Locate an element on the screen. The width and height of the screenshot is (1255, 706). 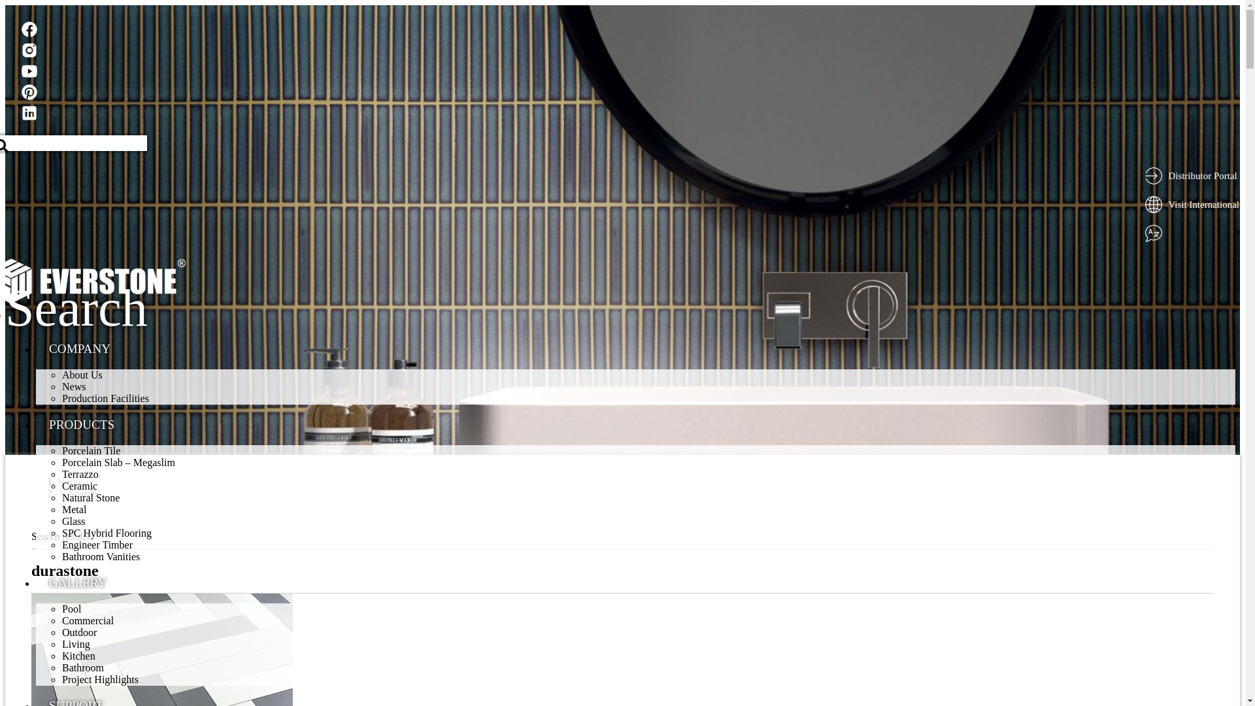
'Ceramic' is located at coordinates (78, 486).